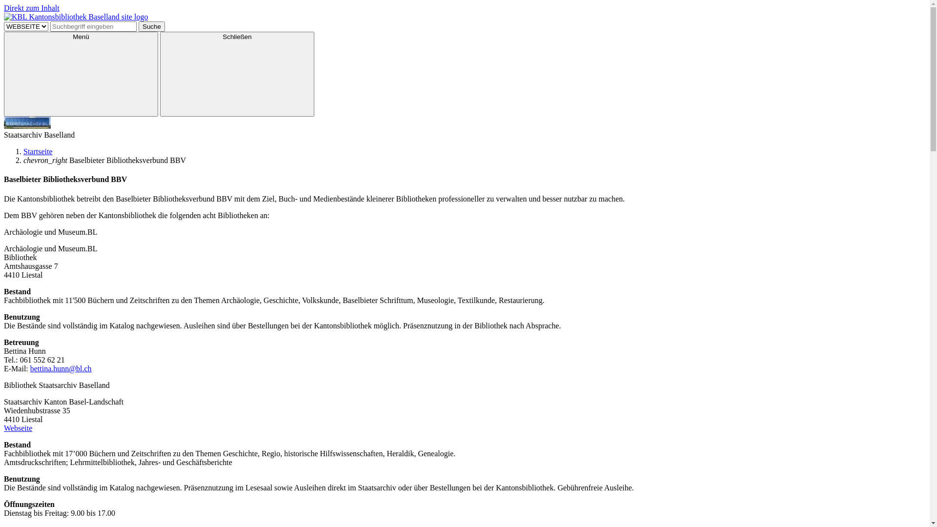  What do you see at coordinates (60, 368) in the screenshot?
I see `'bettina.hunn@bl.ch'` at bounding box center [60, 368].